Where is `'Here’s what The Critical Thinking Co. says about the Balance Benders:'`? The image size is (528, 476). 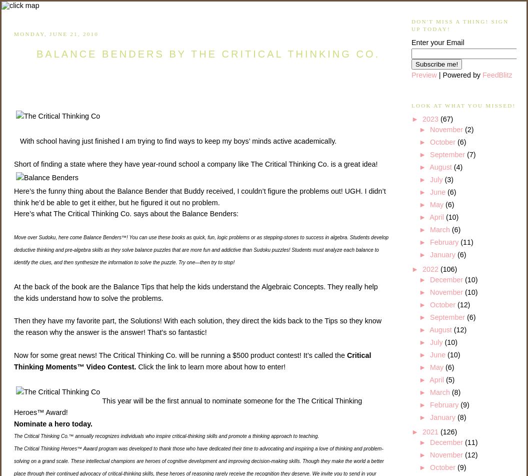 'Here’s what The Critical Thinking Co. says about the Balance Benders:' is located at coordinates (125, 213).